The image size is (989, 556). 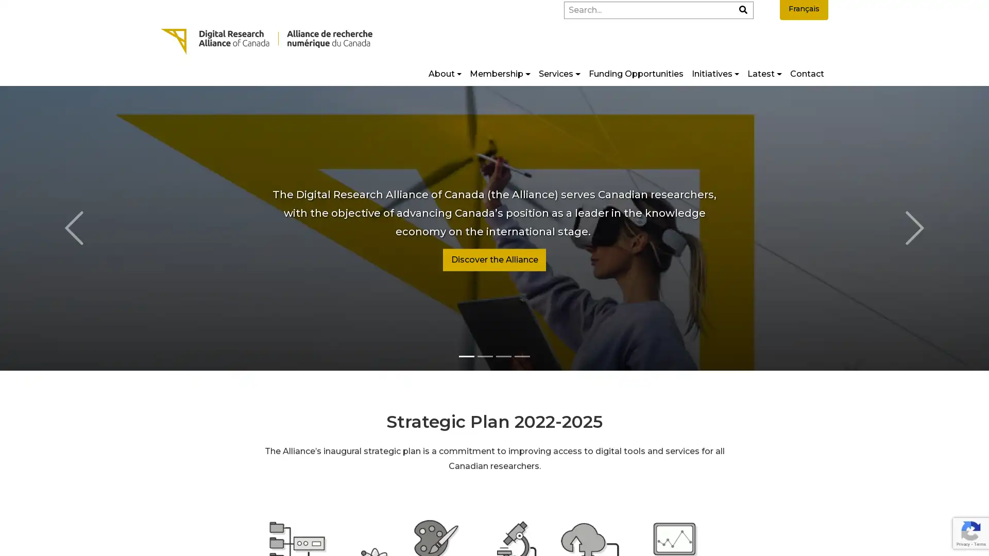 What do you see at coordinates (522, 355) in the screenshot?
I see `Slide 3` at bounding box center [522, 355].